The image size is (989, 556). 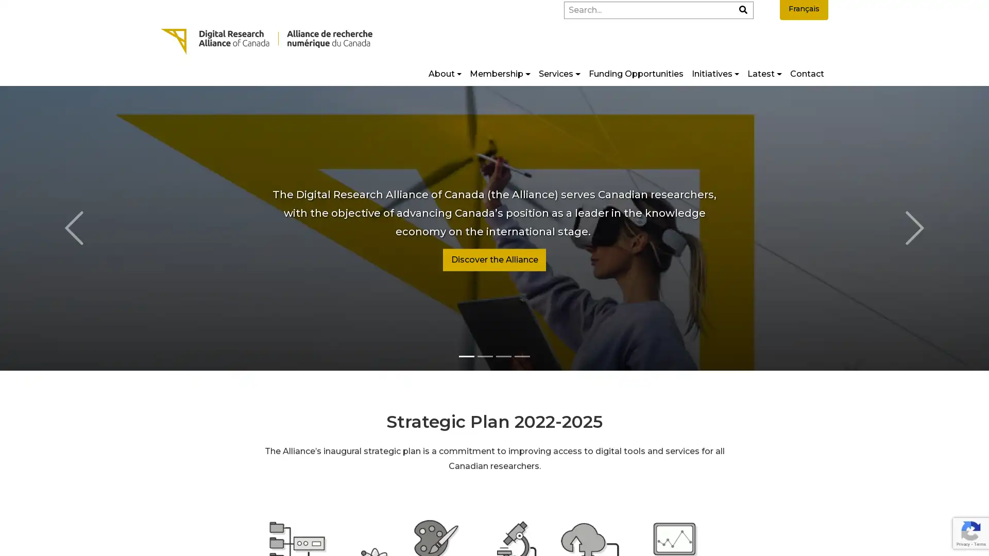 What do you see at coordinates (522, 355) in the screenshot?
I see `Slide 3` at bounding box center [522, 355].